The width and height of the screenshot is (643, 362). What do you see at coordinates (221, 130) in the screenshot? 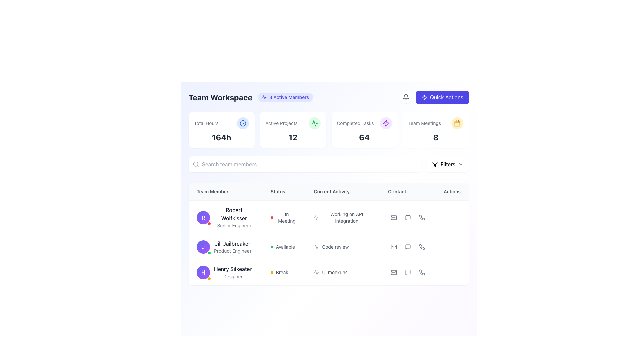
I see `the first card in the horizontal group of four cards, which has a white background, rounded corners, and displays 'Total Hours' at the top and '164h' at the bottom` at bounding box center [221, 130].